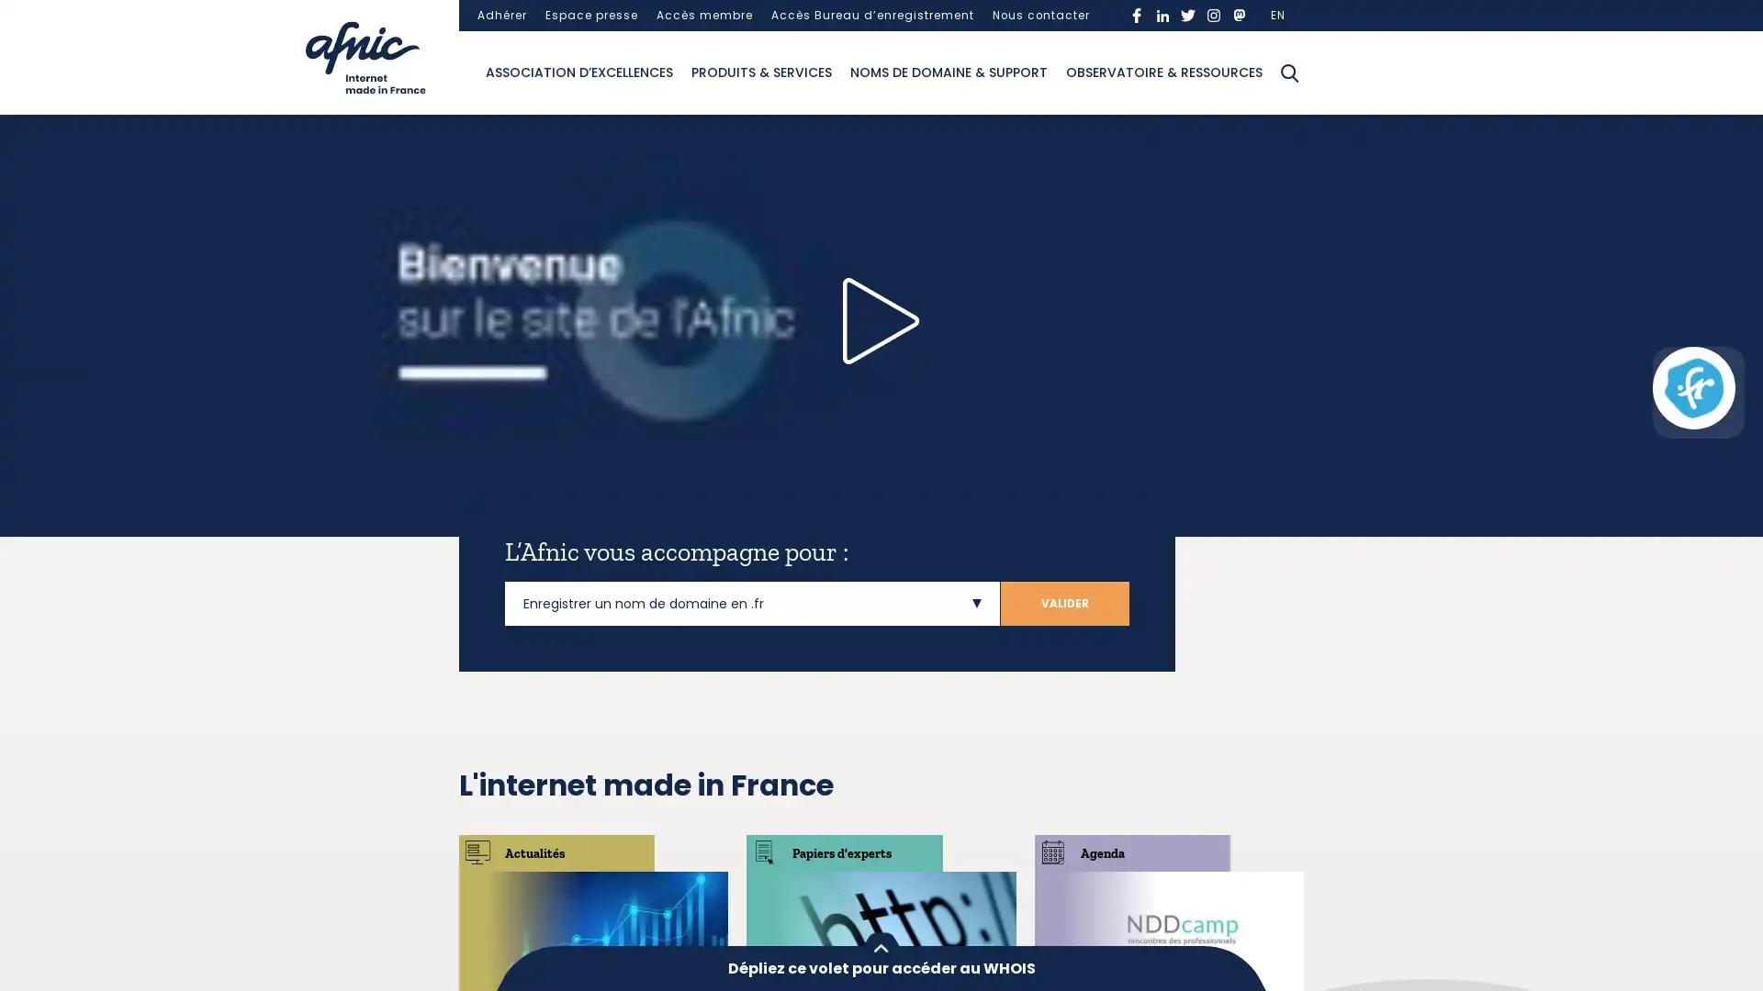 This screenshot has width=1763, height=991. Describe the element at coordinates (1692, 387) in the screenshot. I see `Ouvrir la pastille .fr` at that location.